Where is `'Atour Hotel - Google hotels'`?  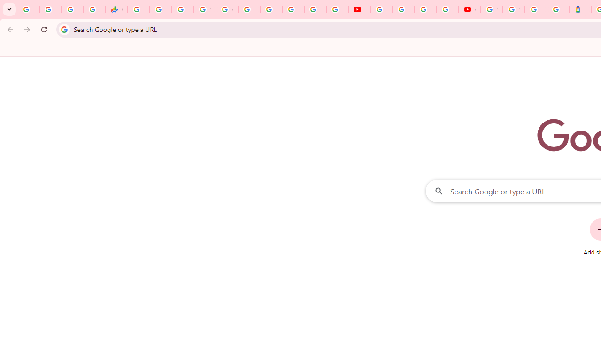 'Atour Hotel - Google hotels' is located at coordinates (579, 9).